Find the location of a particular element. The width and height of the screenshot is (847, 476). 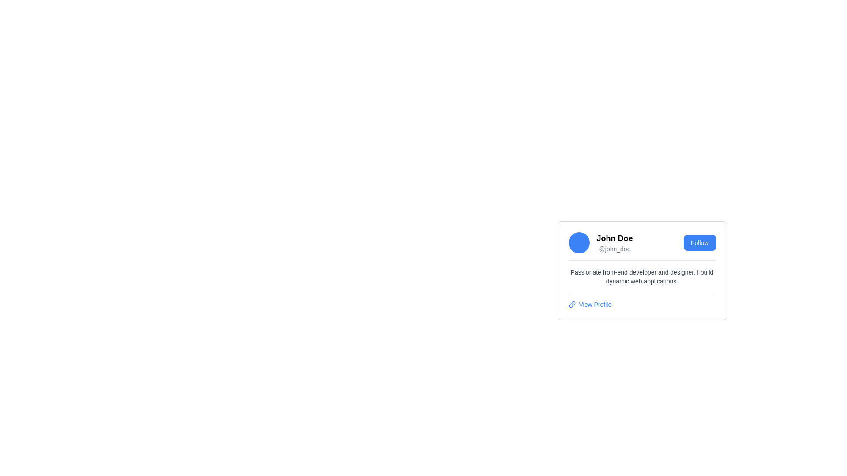

the Avatar or Placeholder representing the user is located at coordinates (579, 243).